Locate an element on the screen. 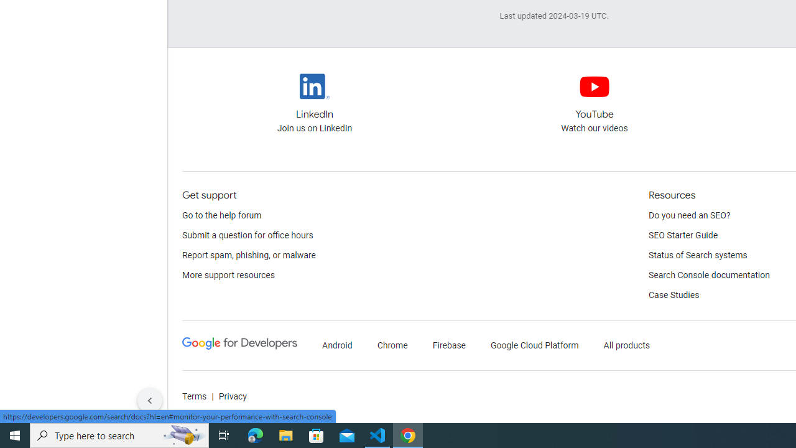  'LinkedIn' is located at coordinates (315, 85).